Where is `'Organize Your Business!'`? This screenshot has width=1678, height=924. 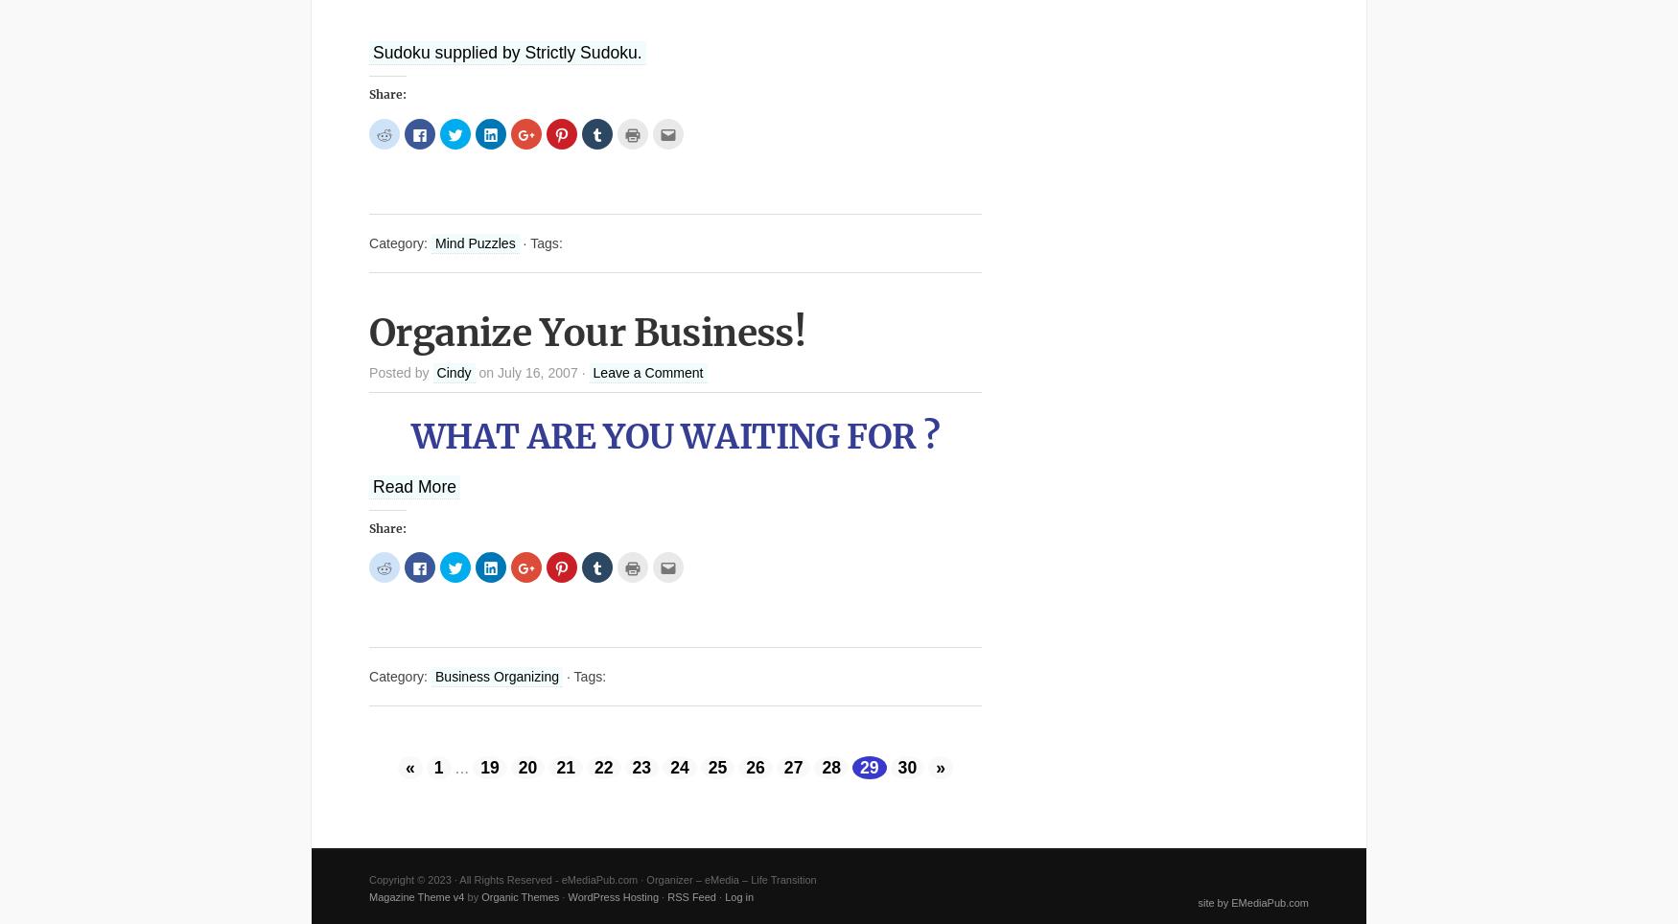
'Organize Your Business!' is located at coordinates (588, 331).